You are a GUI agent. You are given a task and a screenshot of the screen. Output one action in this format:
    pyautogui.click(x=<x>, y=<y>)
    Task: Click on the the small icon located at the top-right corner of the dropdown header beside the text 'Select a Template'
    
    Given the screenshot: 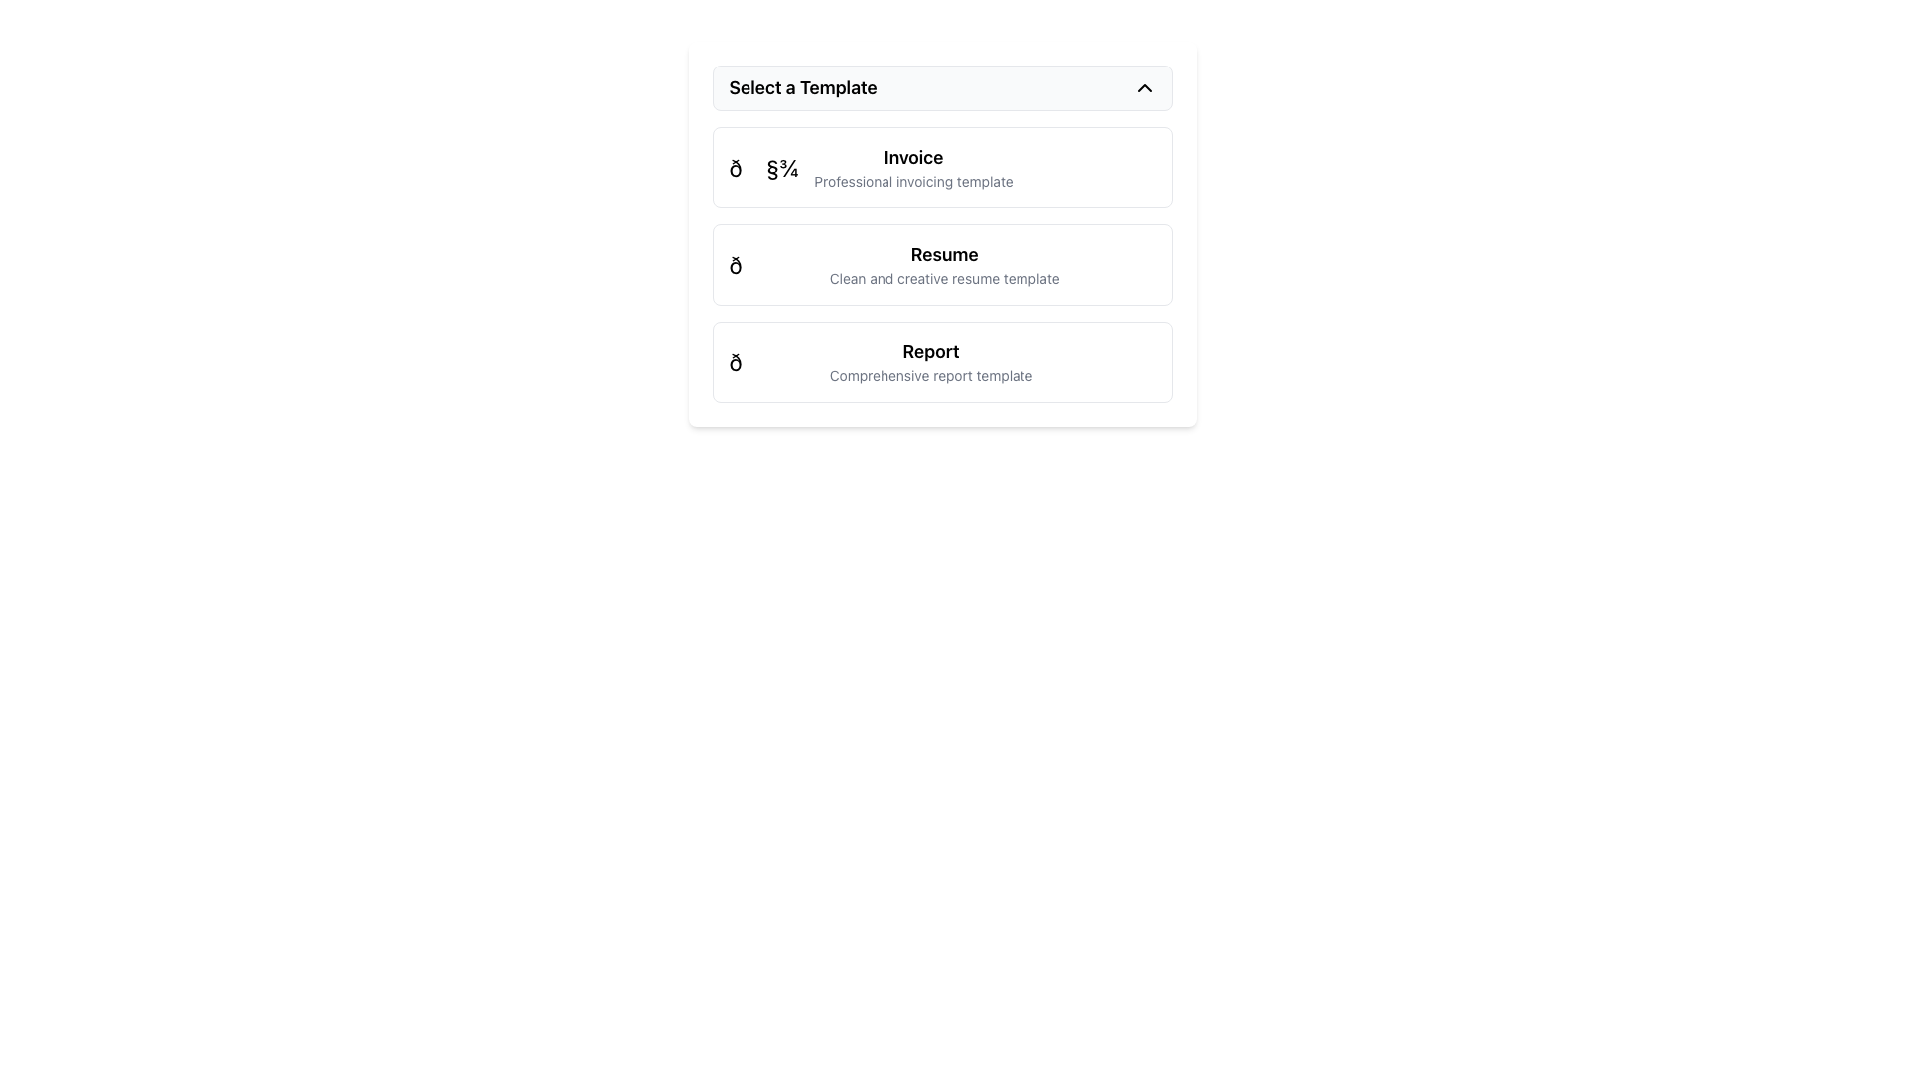 What is the action you would take?
    pyautogui.click(x=1144, y=86)
    